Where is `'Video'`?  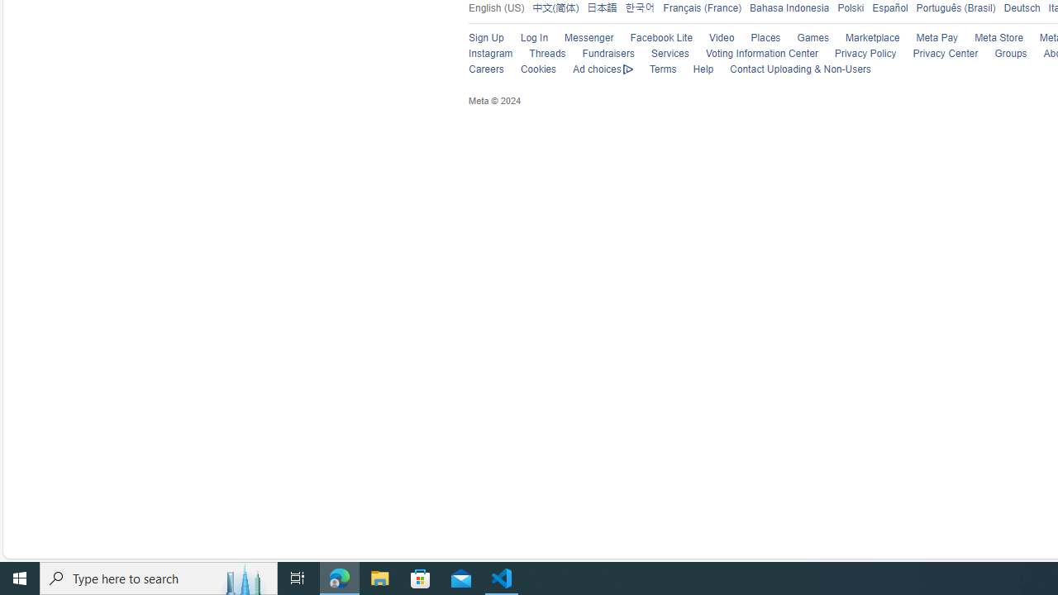 'Video' is located at coordinates (722, 37).